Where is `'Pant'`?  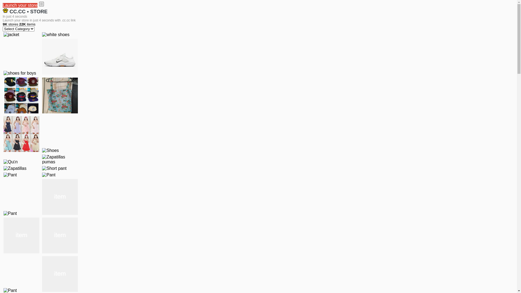
'Pant' is located at coordinates (60, 274).